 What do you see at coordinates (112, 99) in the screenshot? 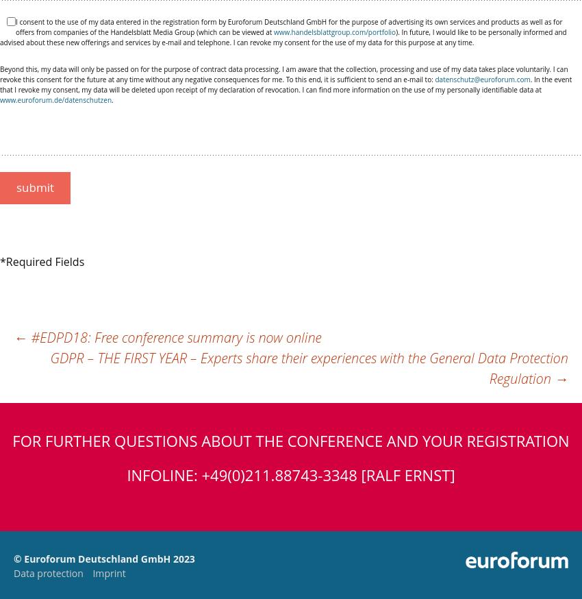
I see `'.'` at bounding box center [112, 99].